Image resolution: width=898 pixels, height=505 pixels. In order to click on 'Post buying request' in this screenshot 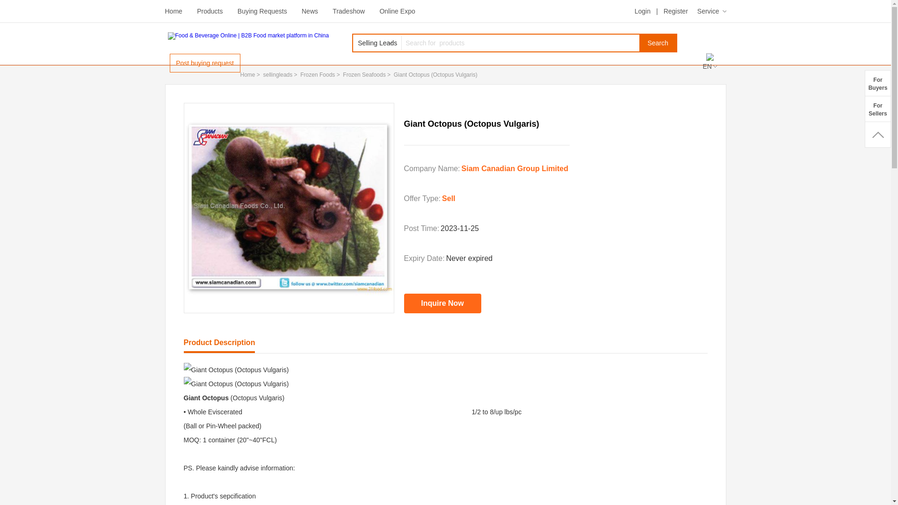, I will do `click(204, 63)`.